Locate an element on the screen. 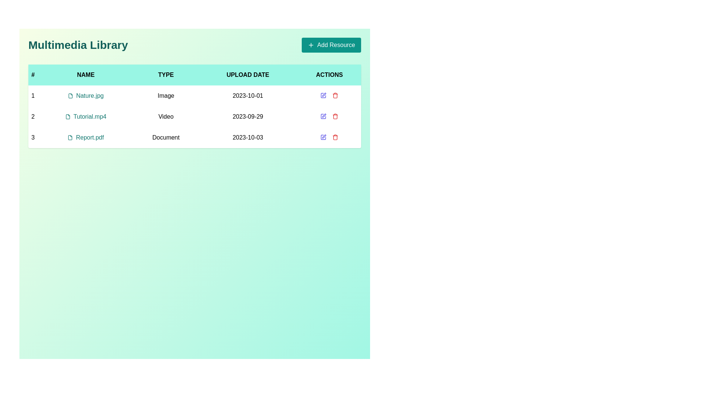 The image size is (717, 403). the 'Type' text label, which is the third column header in the table, displayed in bold and capitalized letters with a light green background is located at coordinates (165, 75).